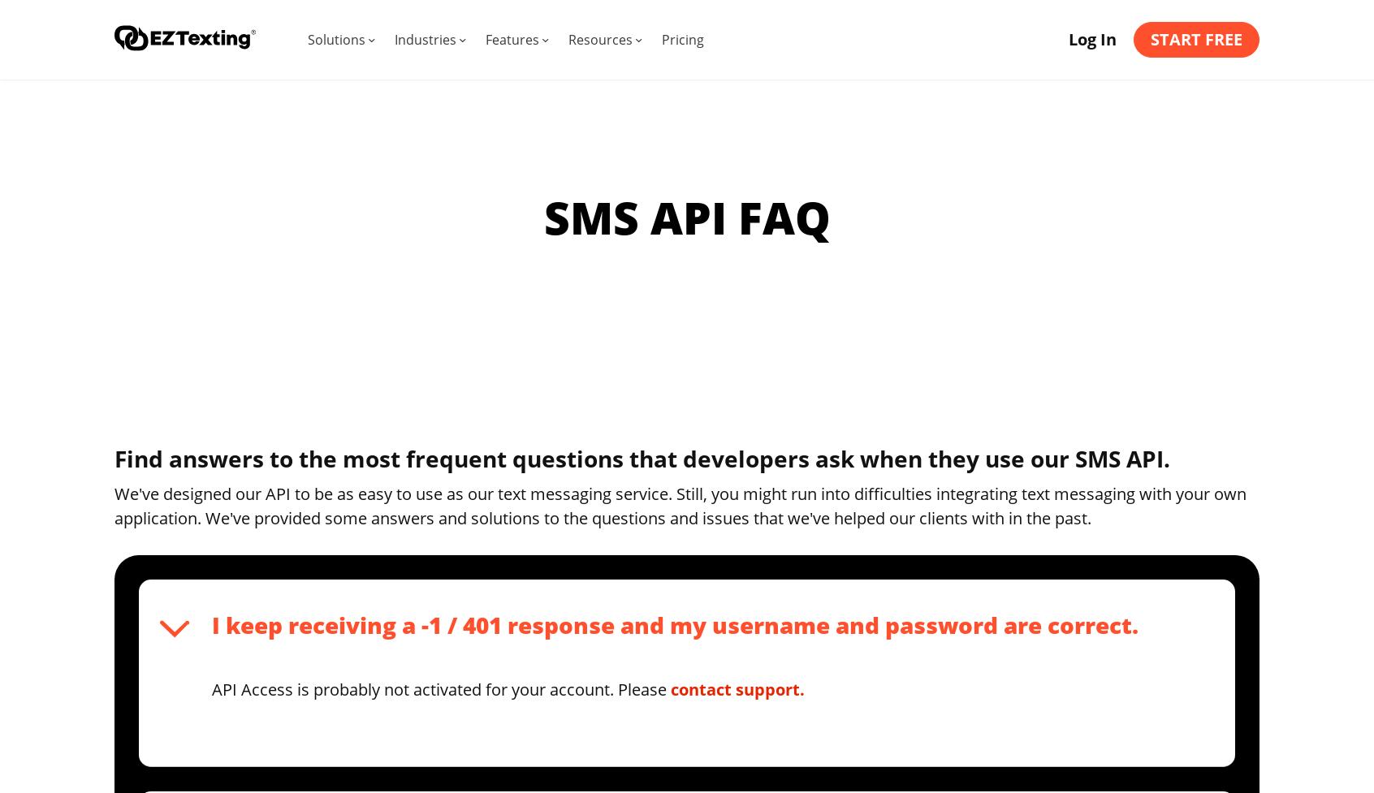  What do you see at coordinates (484, 40) in the screenshot?
I see `'Features'` at bounding box center [484, 40].